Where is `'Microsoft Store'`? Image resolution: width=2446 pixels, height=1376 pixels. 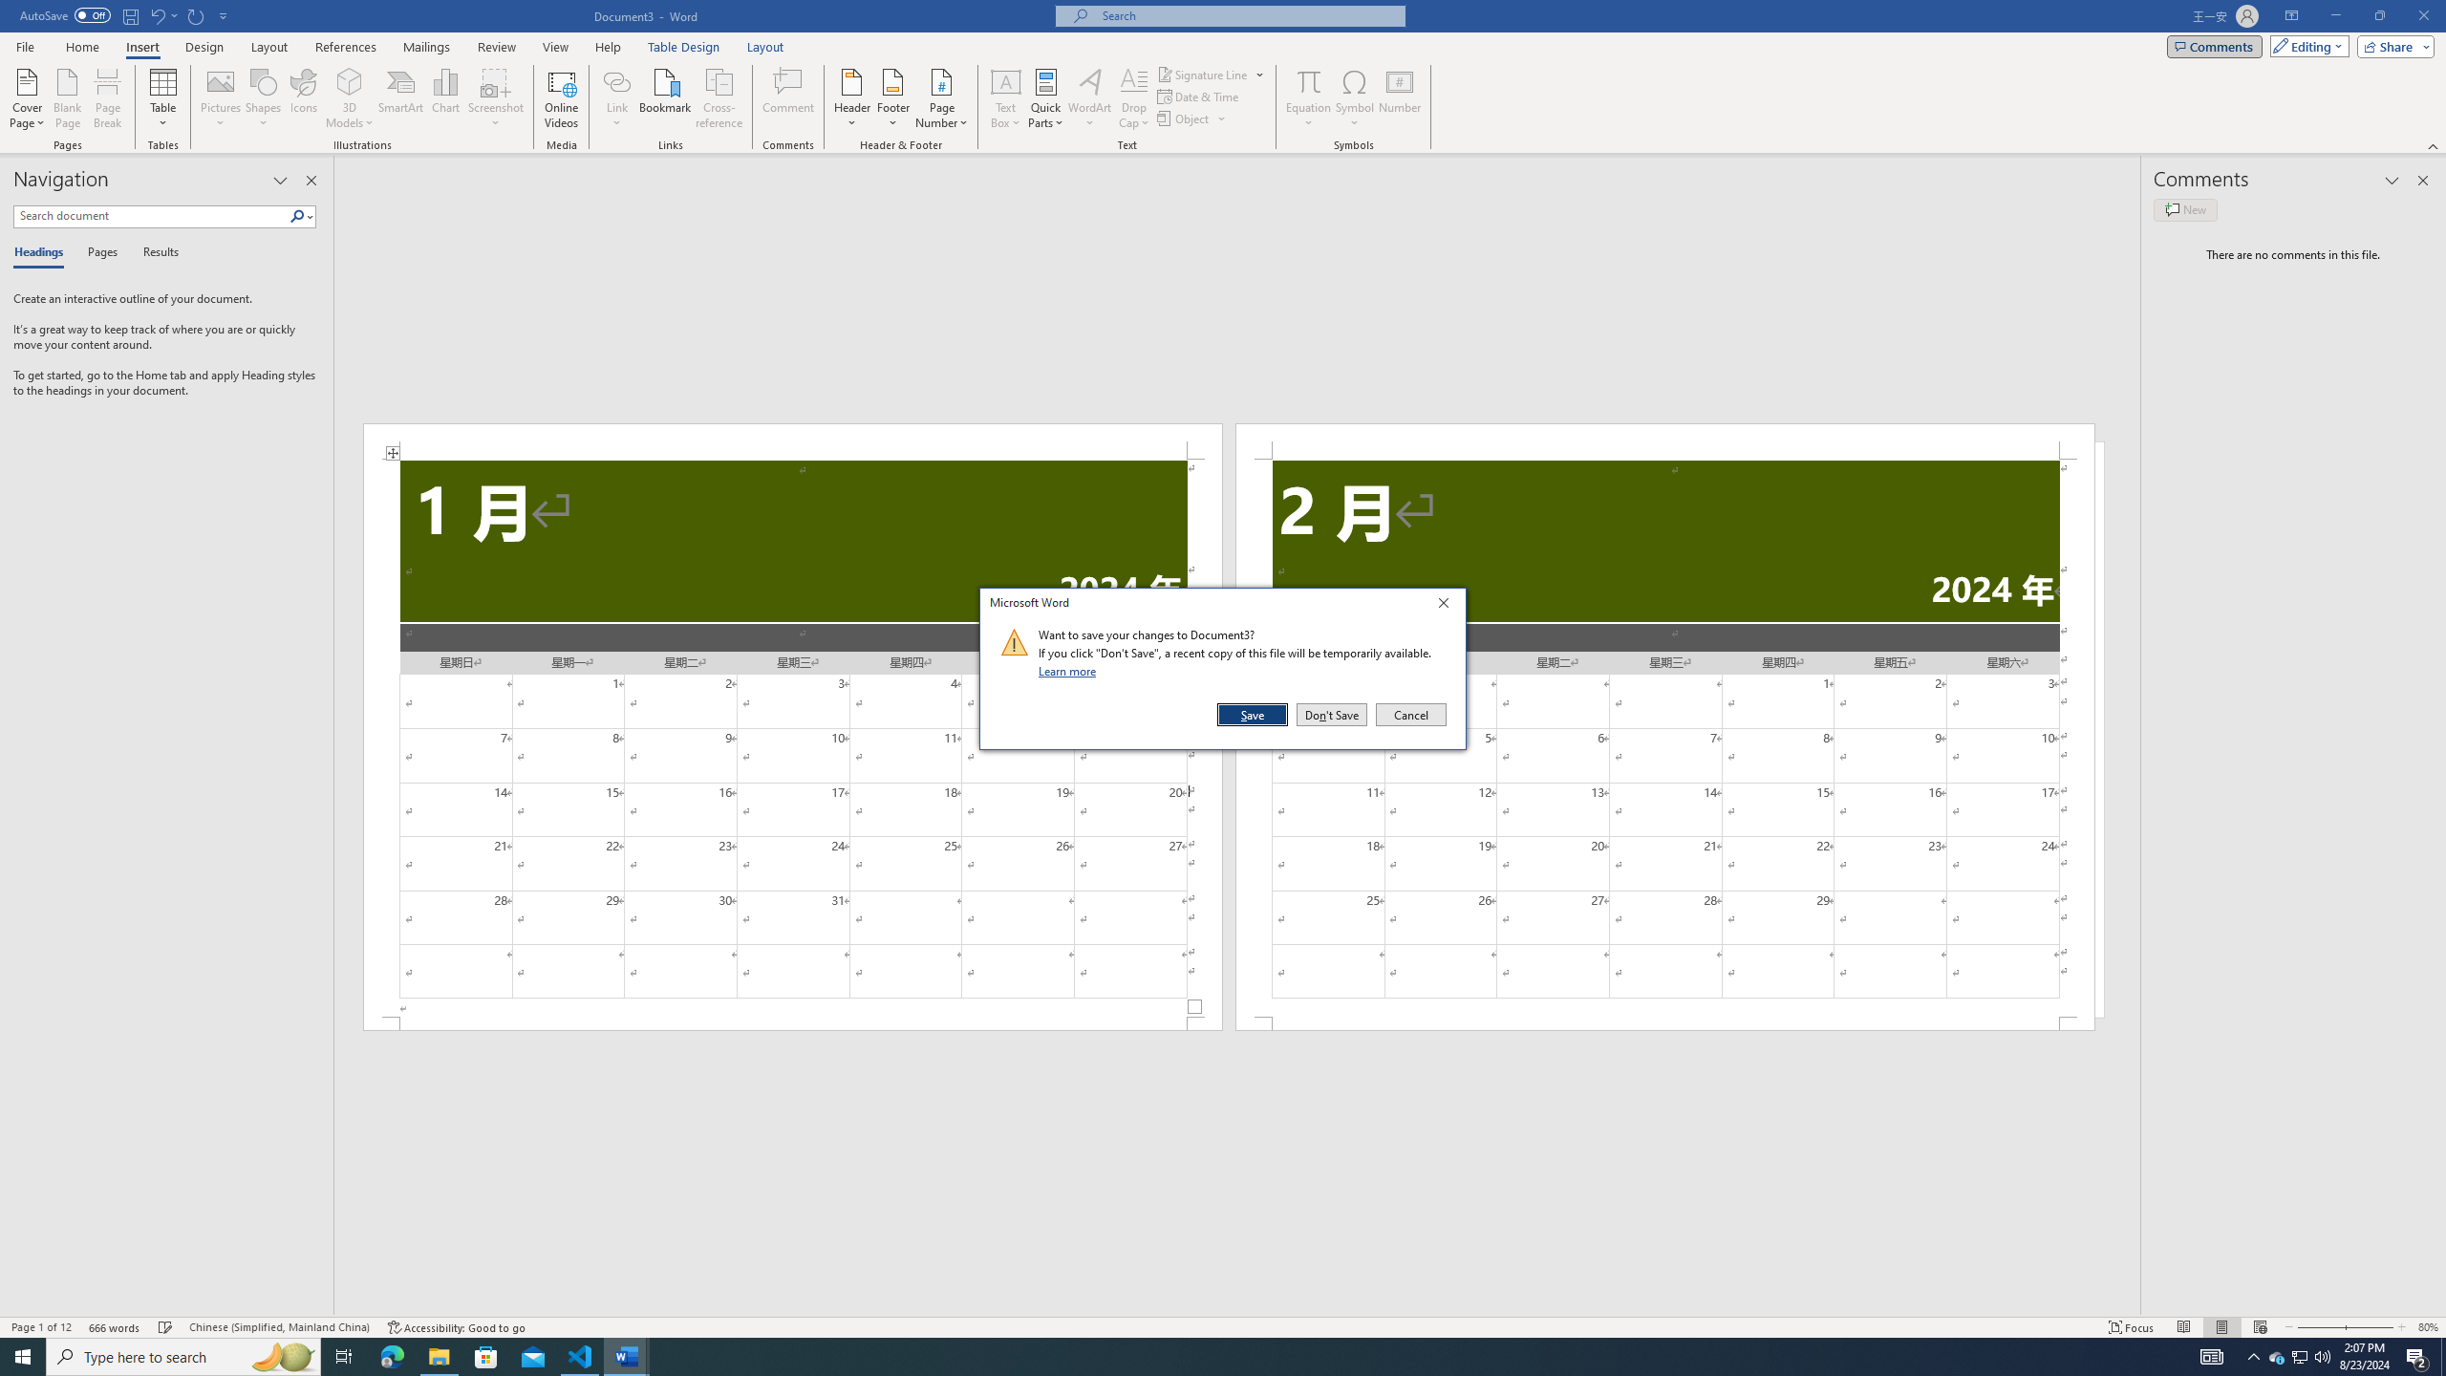
'Microsoft Store' is located at coordinates (486, 1355).